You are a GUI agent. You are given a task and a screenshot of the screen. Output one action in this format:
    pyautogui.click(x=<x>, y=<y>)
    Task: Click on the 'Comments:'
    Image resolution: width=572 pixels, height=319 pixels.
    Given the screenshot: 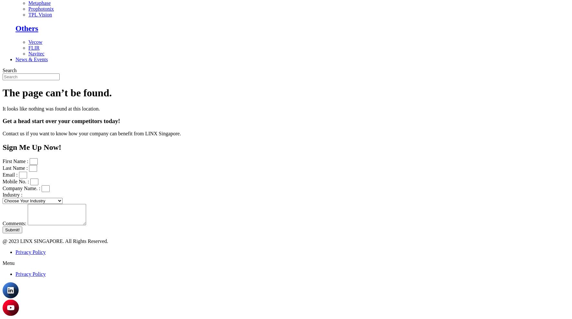 What is the action you would take?
    pyautogui.click(x=15, y=223)
    